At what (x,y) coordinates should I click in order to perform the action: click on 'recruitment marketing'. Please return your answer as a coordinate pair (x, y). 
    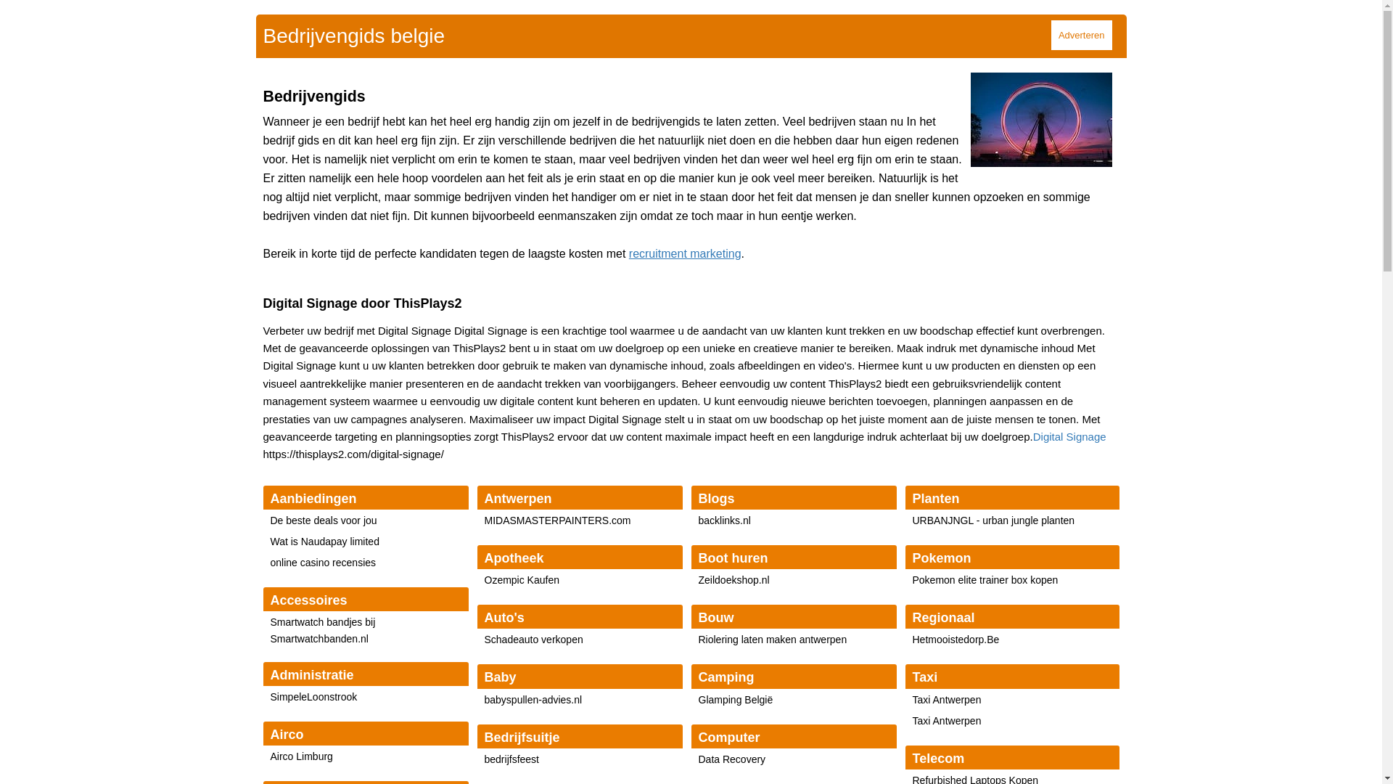
    Looking at the image, I should click on (629, 253).